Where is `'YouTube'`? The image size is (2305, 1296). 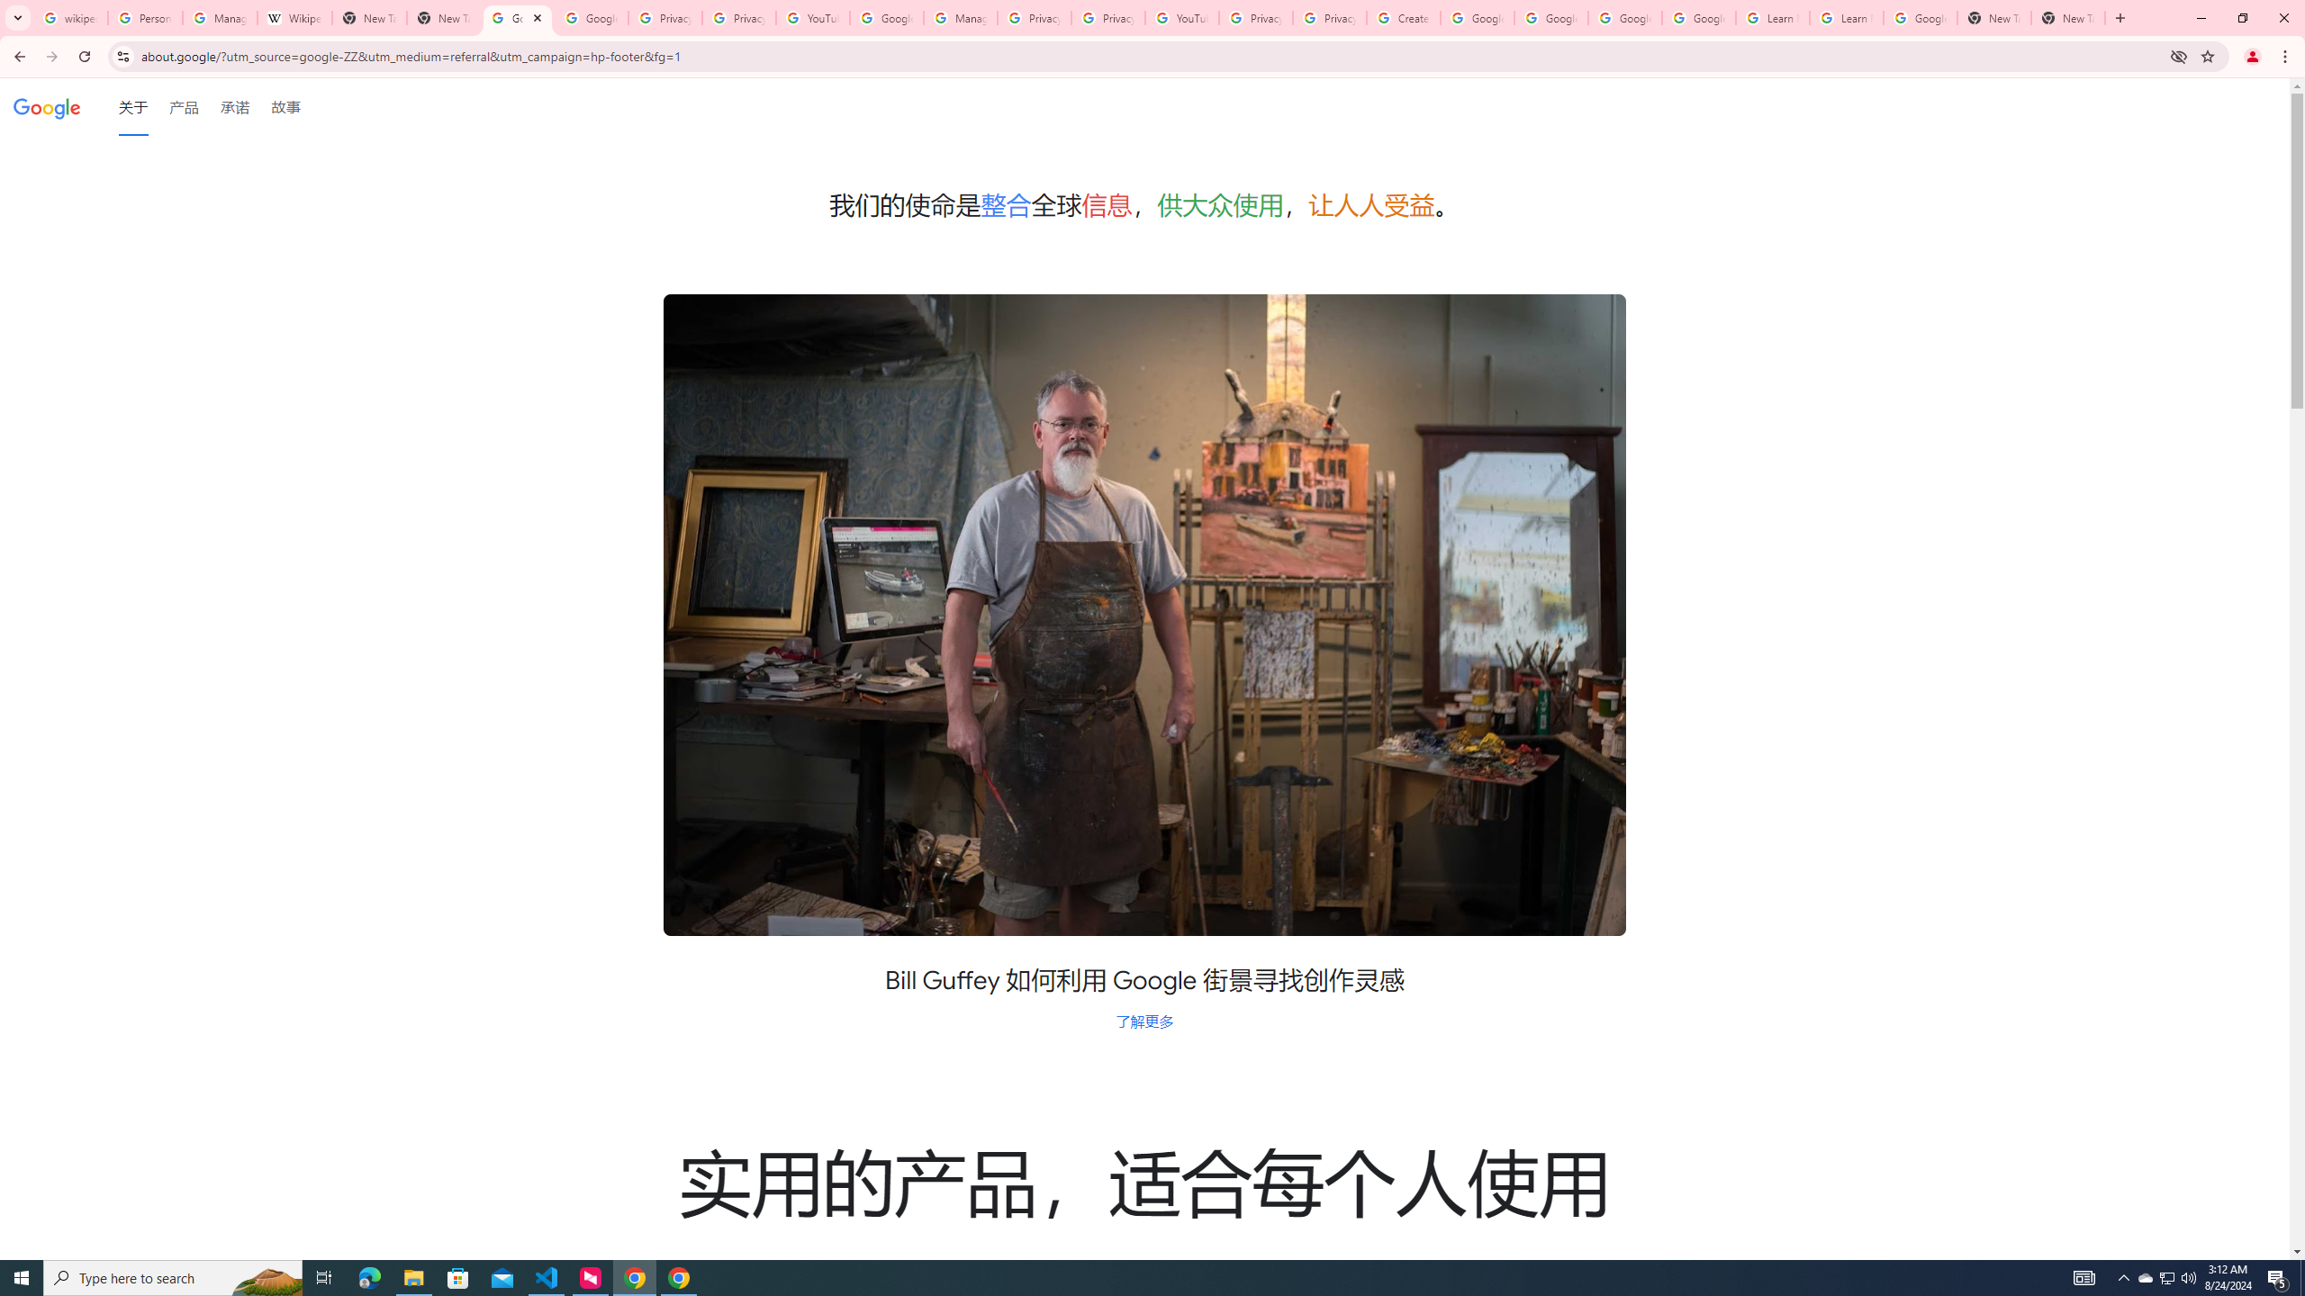 'YouTube' is located at coordinates (811, 17).